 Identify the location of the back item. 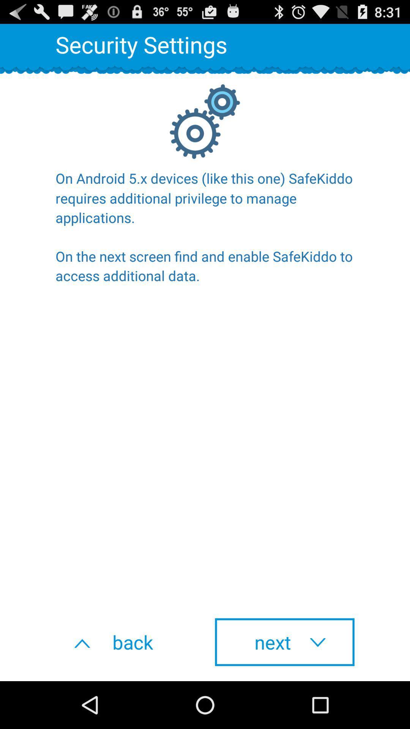
(125, 642).